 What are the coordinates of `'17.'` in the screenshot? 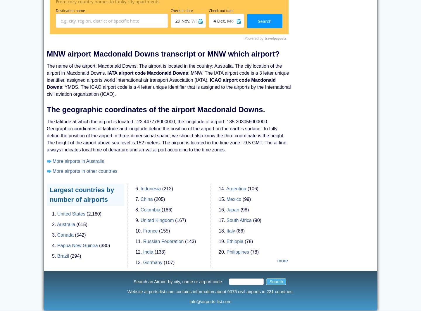 It's located at (222, 214).